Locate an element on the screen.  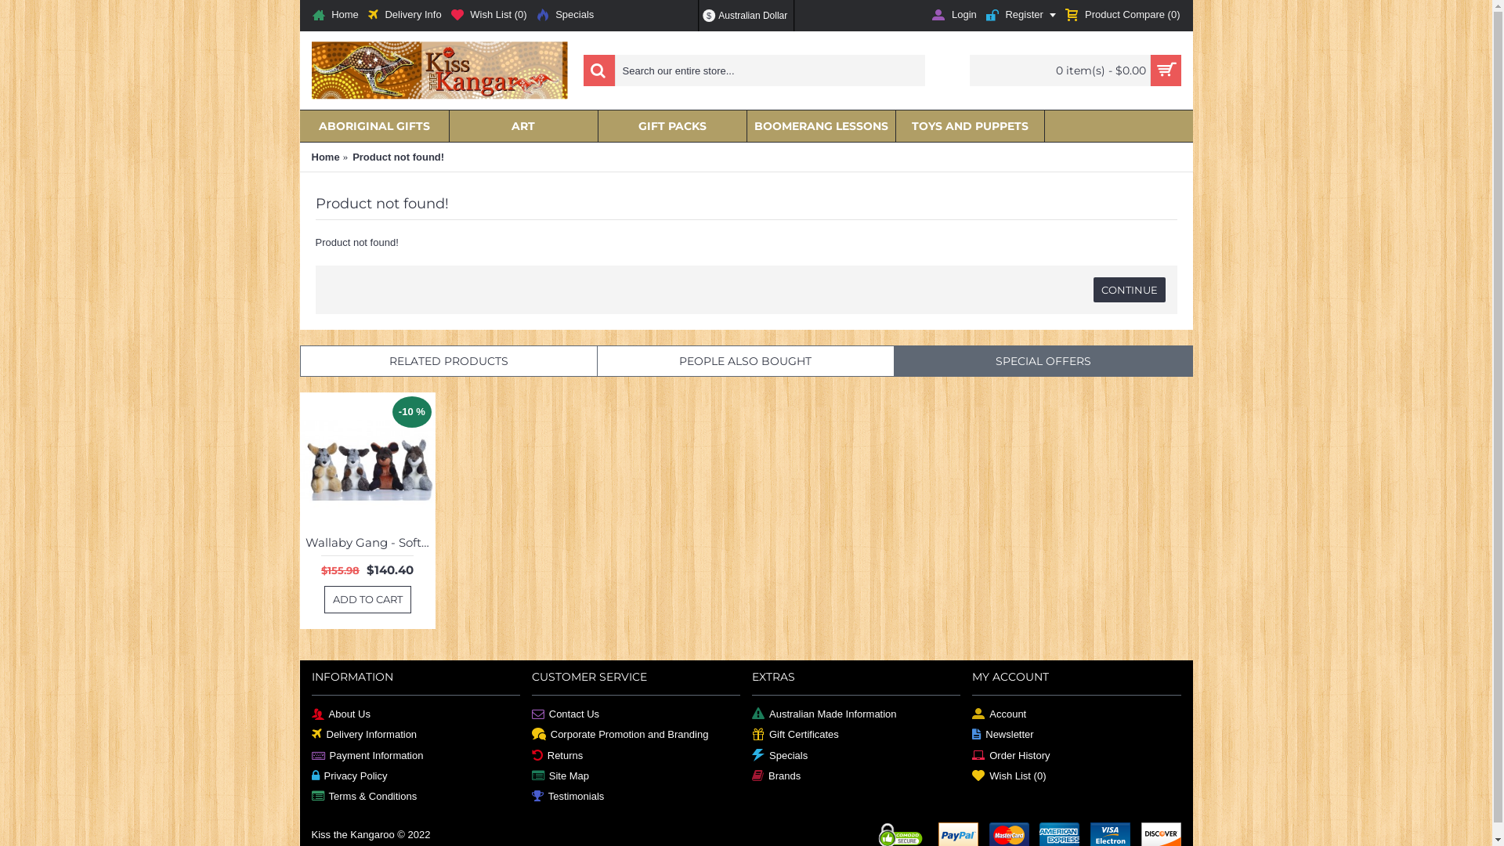
'Terms & Conditions' is located at coordinates (416, 797).